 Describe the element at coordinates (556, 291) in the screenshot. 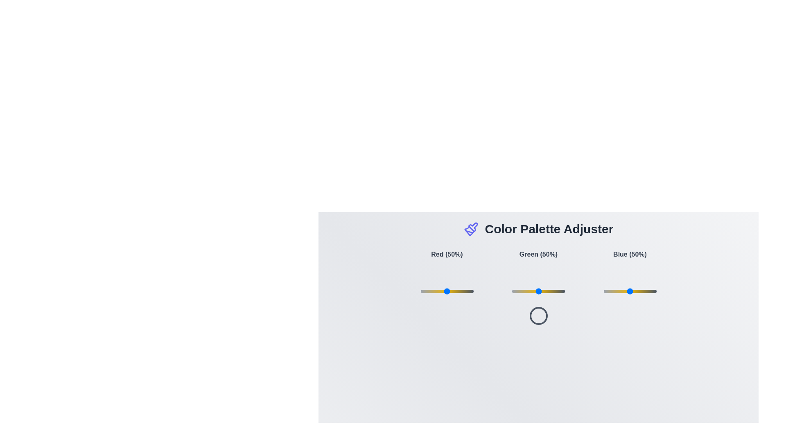

I see `the green slider to 83%` at that location.